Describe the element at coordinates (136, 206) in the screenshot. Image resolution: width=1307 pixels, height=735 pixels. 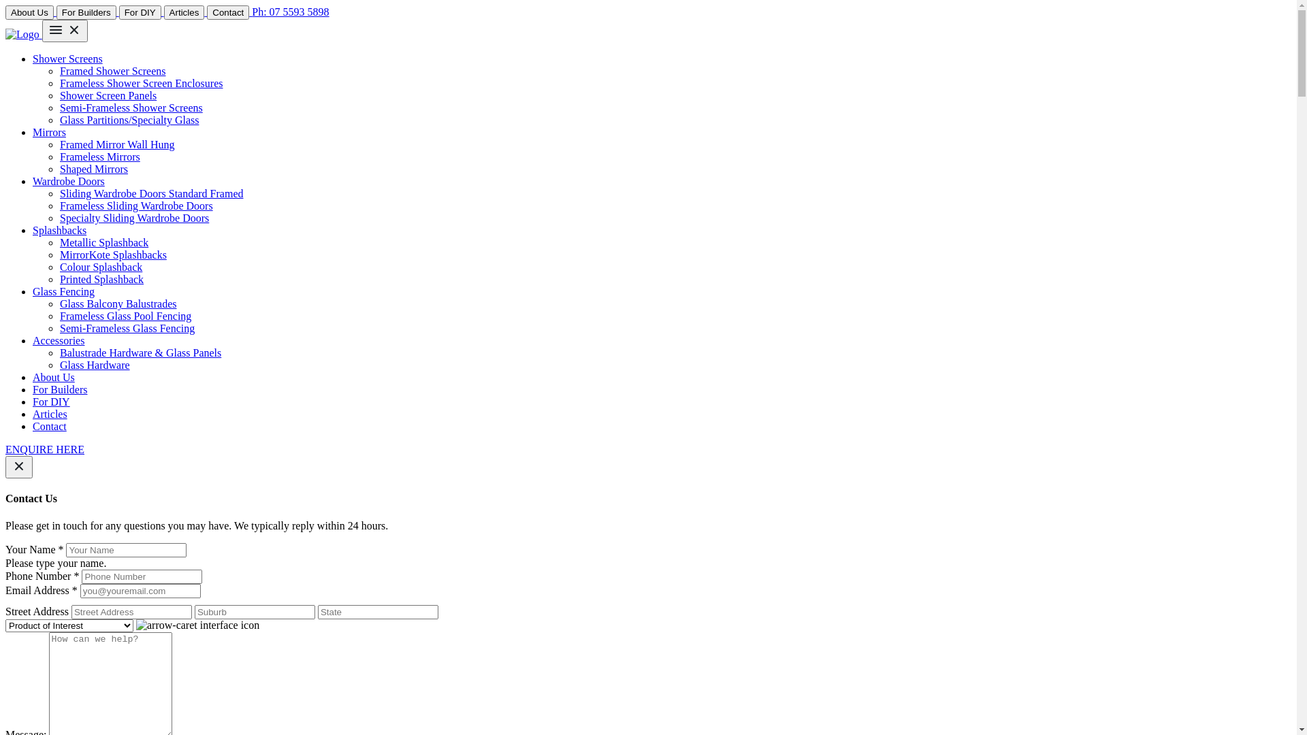
I see `'Frameless Sliding Wardrobe Doors'` at that location.